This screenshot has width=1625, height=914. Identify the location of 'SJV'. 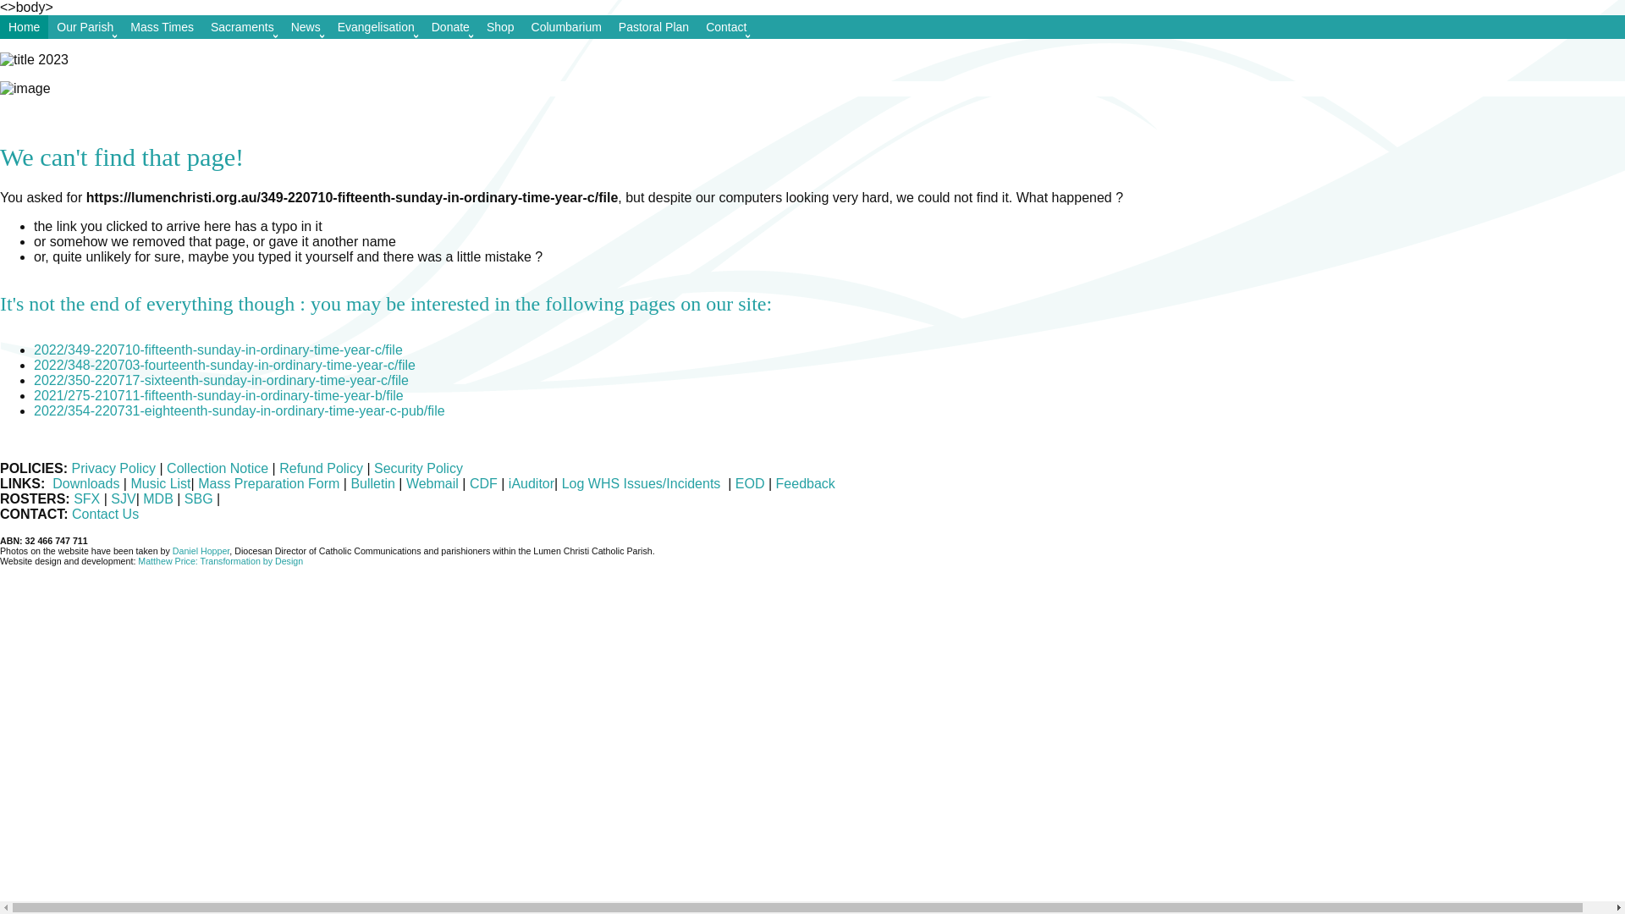
(109, 498).